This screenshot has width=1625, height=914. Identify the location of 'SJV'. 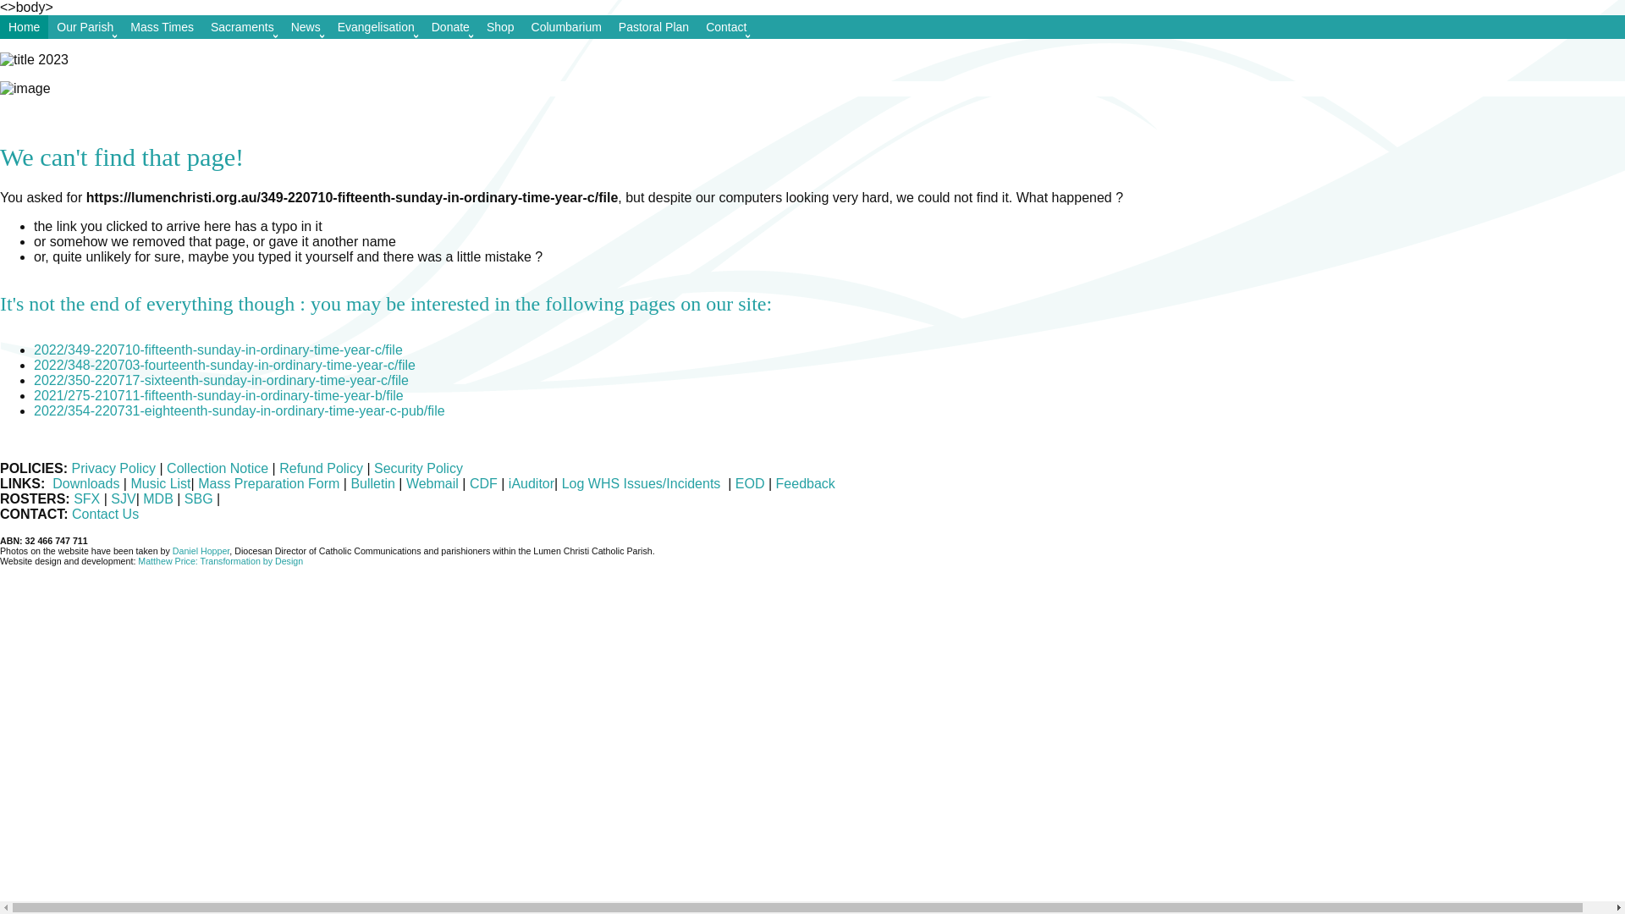
(109, 498).